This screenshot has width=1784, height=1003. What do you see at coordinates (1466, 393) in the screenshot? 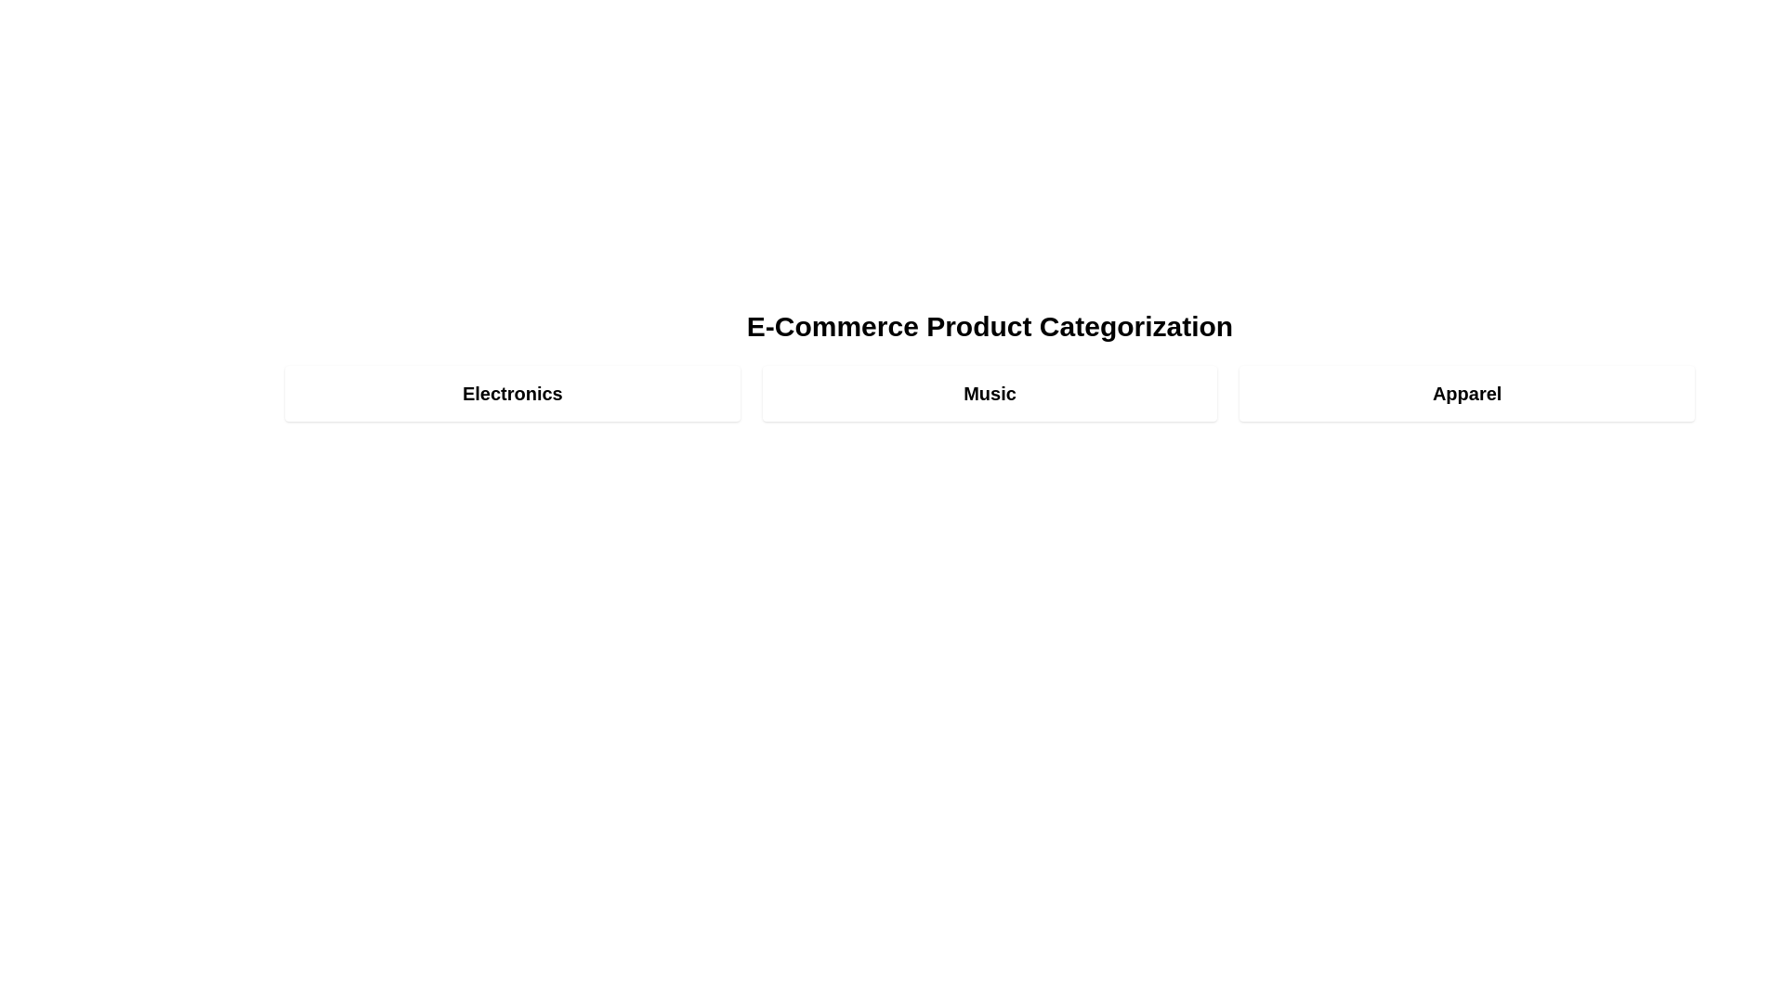
I see `the Apparel category to interact with its list` at bounding box center [1466, 393].